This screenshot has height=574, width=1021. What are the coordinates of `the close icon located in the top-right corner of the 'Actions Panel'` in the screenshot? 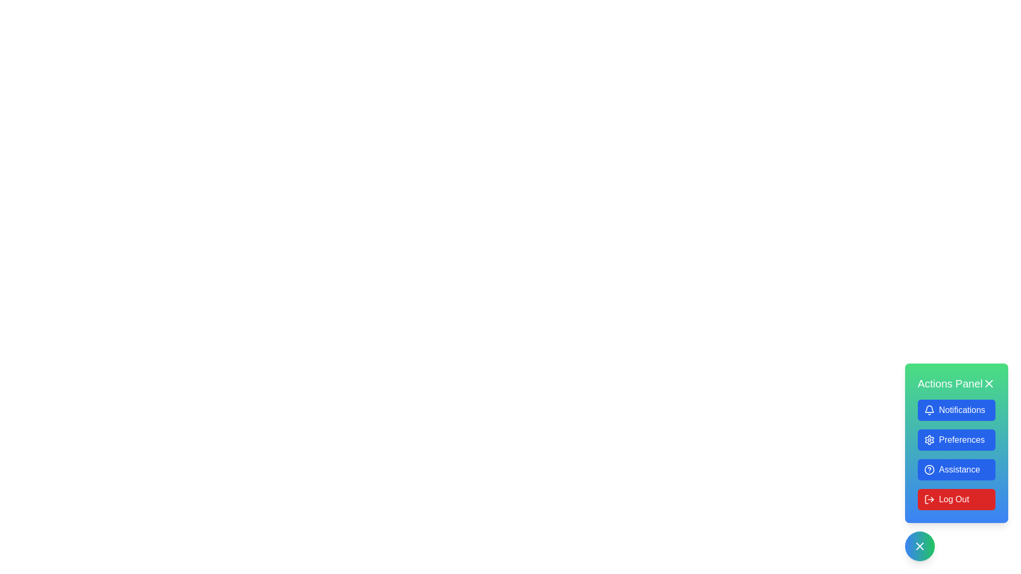 It's located at (989, 383).